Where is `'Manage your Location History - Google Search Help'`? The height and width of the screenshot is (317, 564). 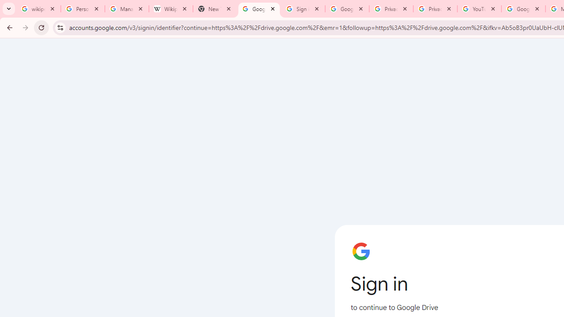 'Manage your Location History - Google Search Help' is located at coordinates (126, 9).